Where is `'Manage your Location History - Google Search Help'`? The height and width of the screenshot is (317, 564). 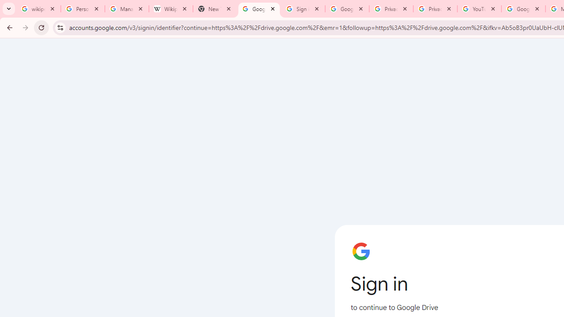 'Manage your Location History - Google Search Help' is located at coordinates (126, 9).